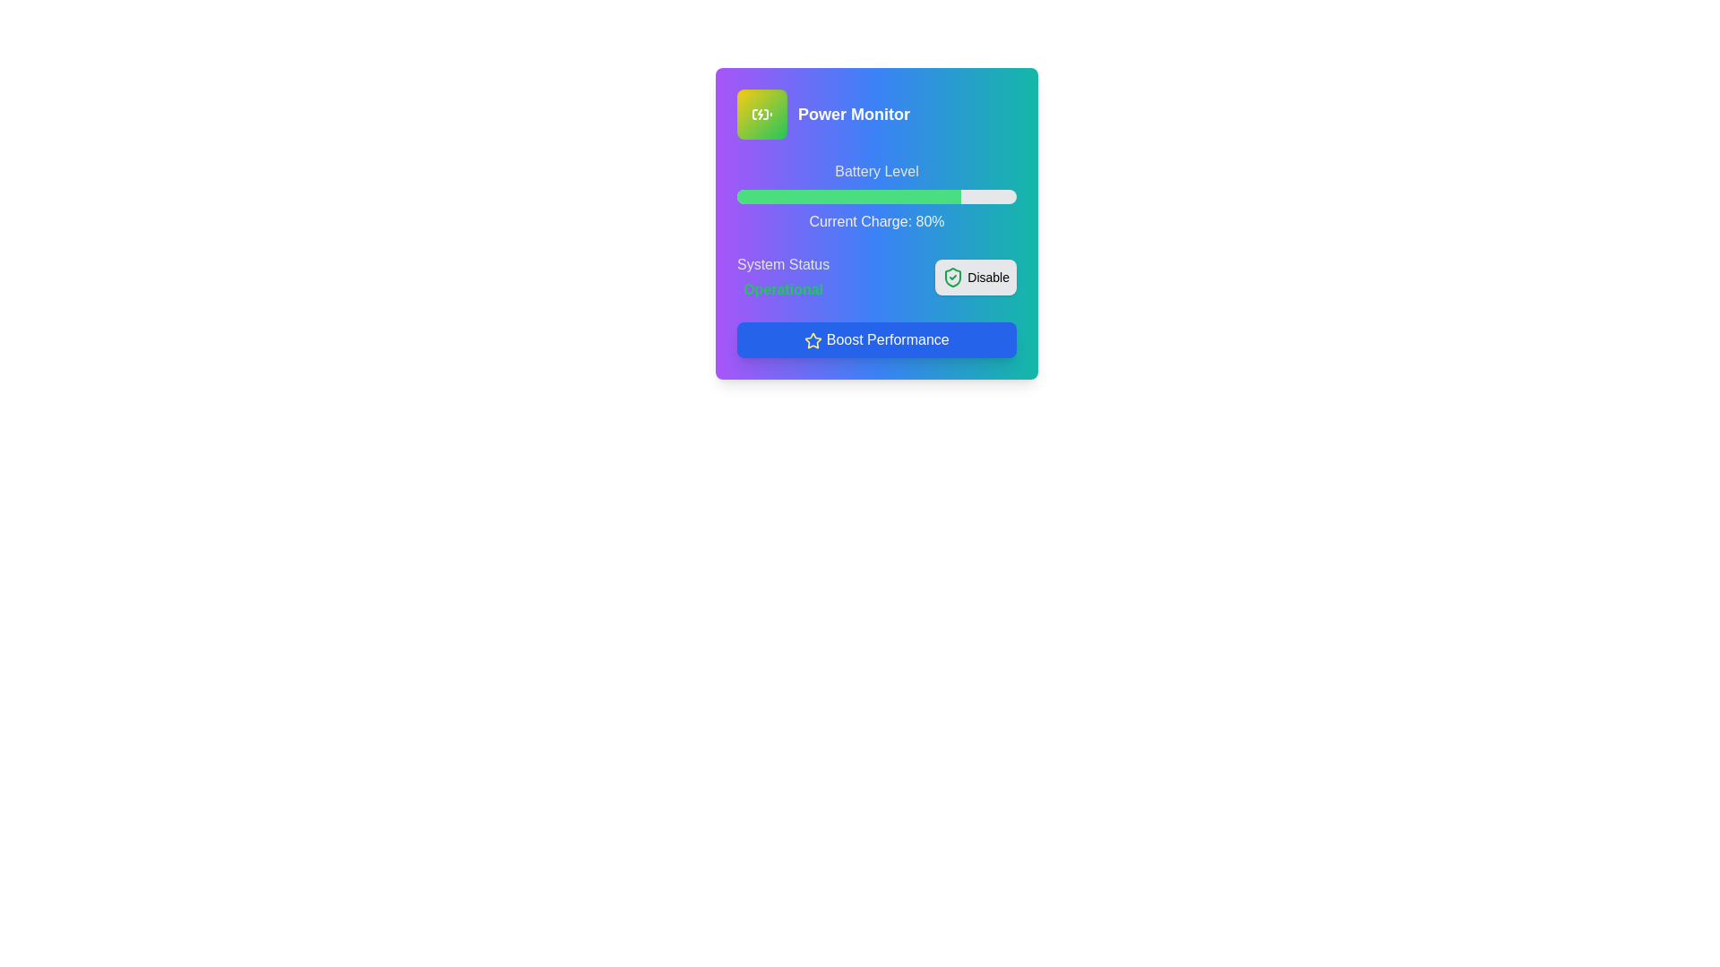 This screenshot has height=967, width=1720. I want to click on the star-shaped icon with a yellow outline located within the 'Boost Performance' button at the bottom of the card interface, so click(813, 340).